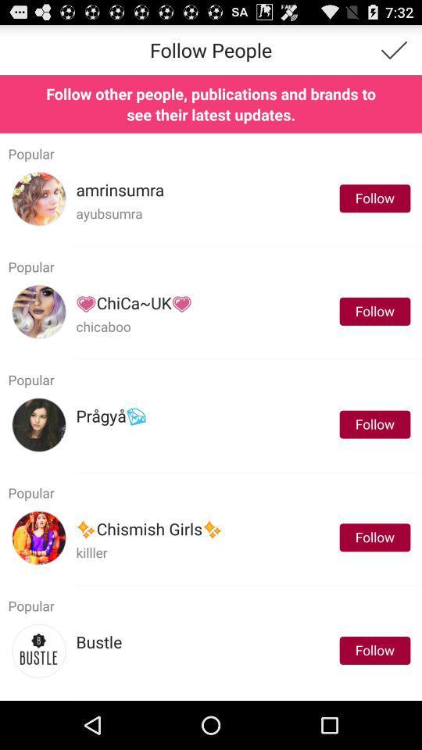 This screenshot has height=750, width=422. What do you see at coordinates (98, 642) in the screenshot?
I see `item below popular app` at bounding box center [98, 642].